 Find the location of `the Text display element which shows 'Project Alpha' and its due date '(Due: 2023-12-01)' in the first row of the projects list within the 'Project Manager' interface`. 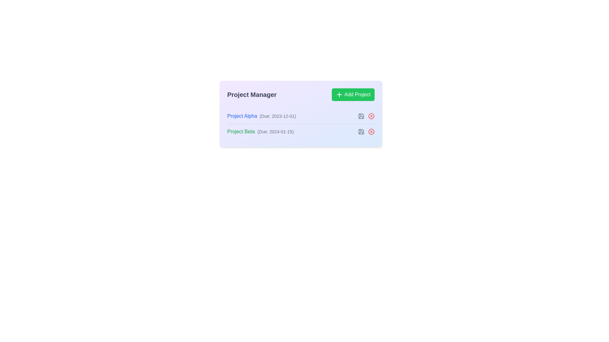

the Text display element which shows 'Project Alpha' and its due date '(Due: 2023-12-01)' in the first row of the projects list within the 'Project Manager' interface is located at coordinates (261, 116).